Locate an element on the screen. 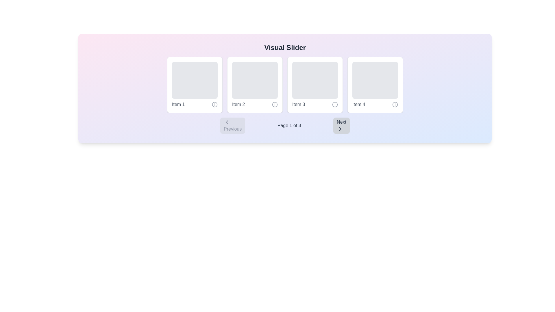 The height and width of the screenshot is (312, 555). the 'Next' button by clicking on the chevron-right icon located to the right of the pagination display is located at coordinates (340, 129).